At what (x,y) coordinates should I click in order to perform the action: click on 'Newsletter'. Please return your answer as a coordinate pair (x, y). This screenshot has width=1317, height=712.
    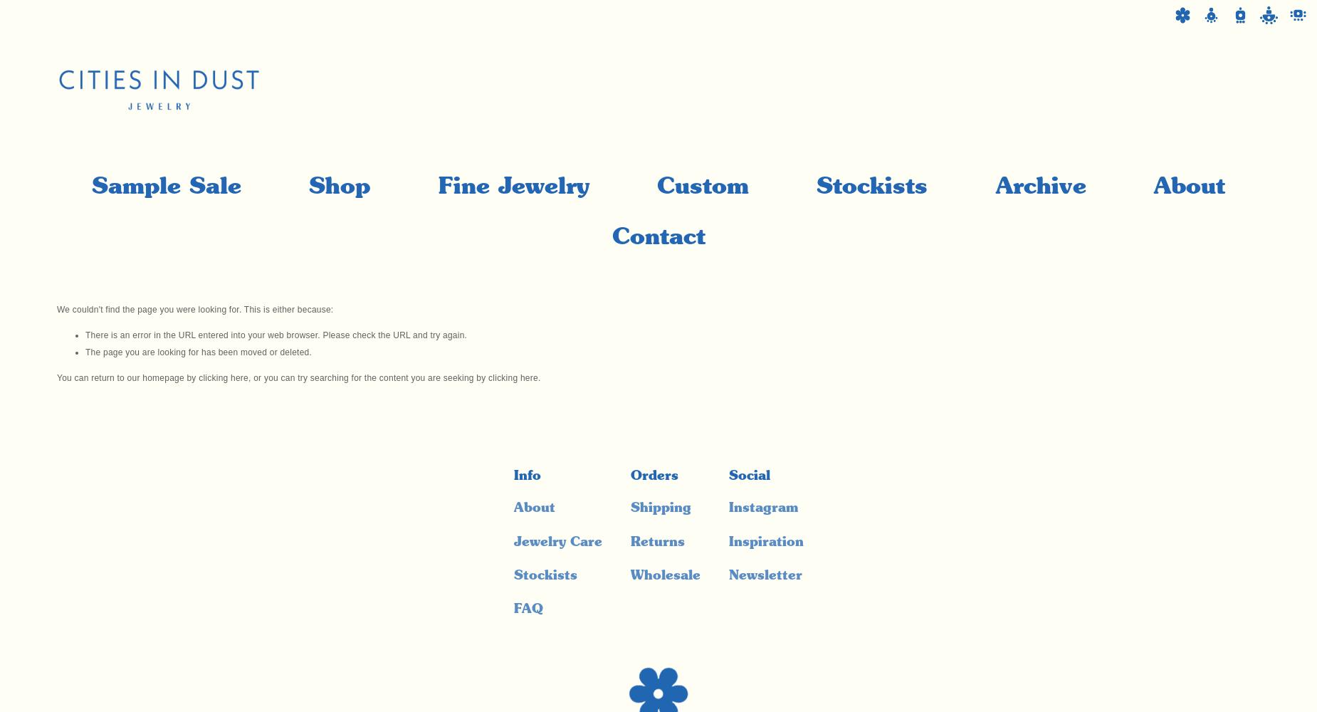
    Looking at the image, I should click on (728, 575).